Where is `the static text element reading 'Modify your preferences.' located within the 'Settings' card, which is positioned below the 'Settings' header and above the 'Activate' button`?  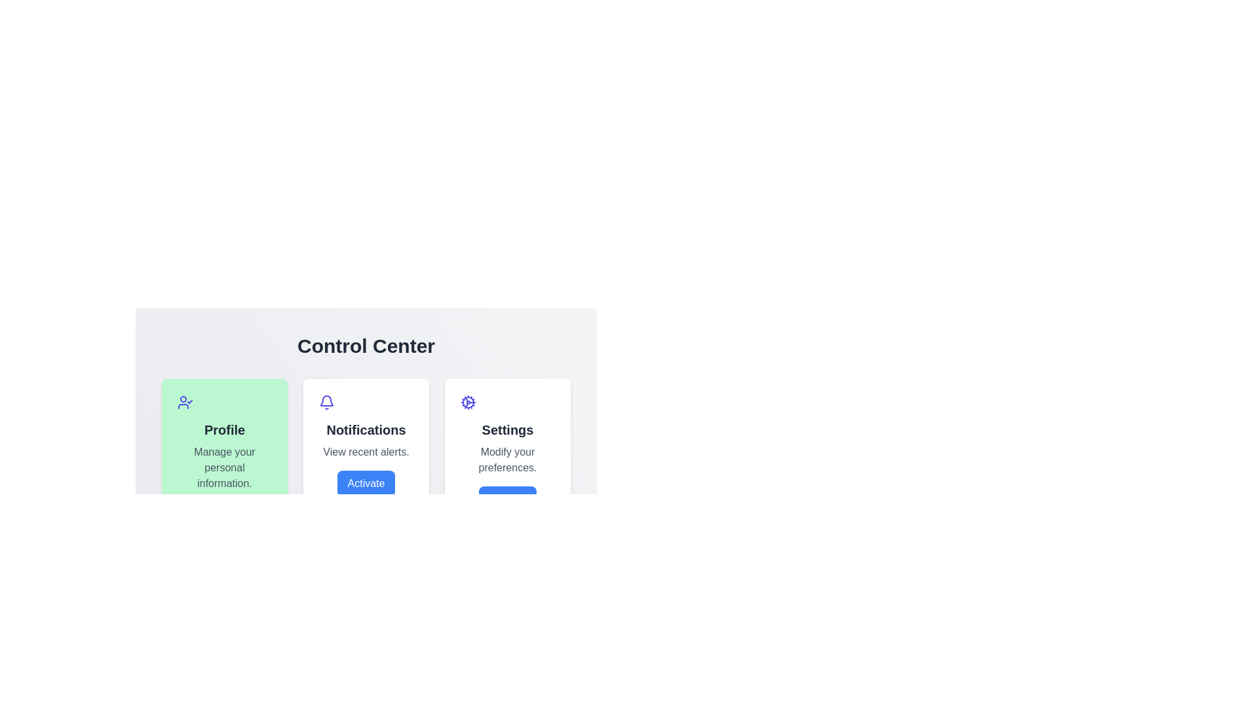 the static text element reading 'Modify your preferences.' located within the 'Settings' card, which is positioned below the 'Settings' header and above the 'Activate' button is located at coordinates (506, 459).